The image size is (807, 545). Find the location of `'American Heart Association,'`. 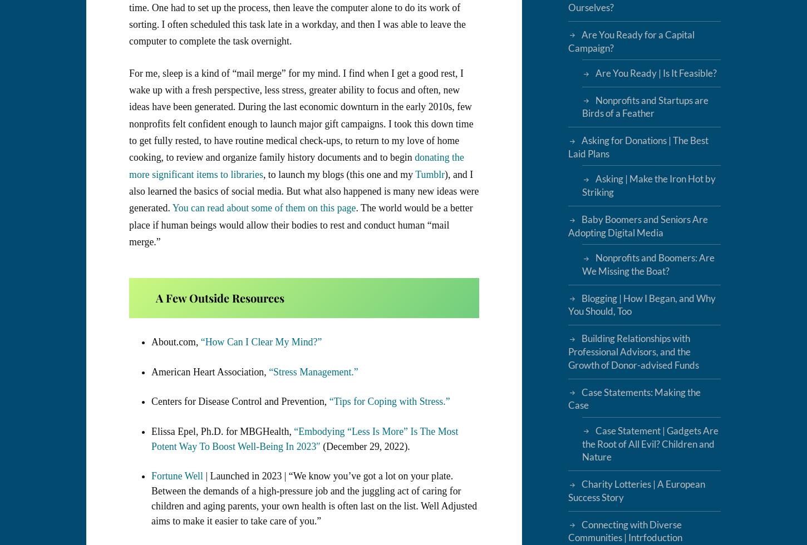

'American Heart Association,' is located at coordinates (151, 371).